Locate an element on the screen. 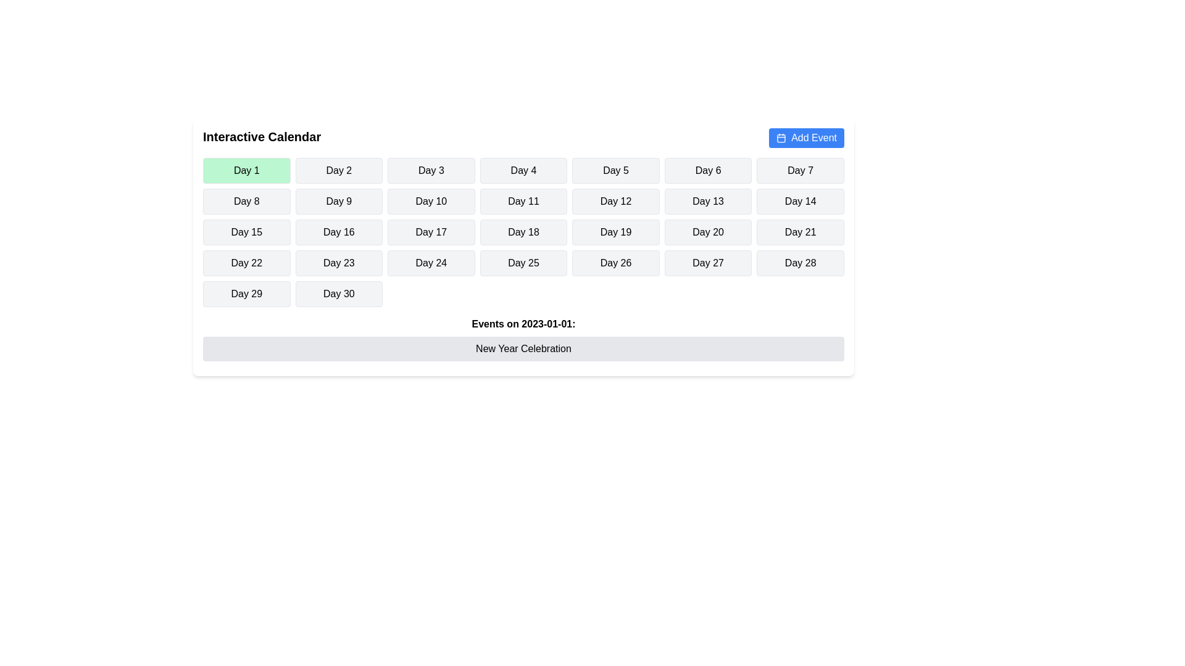 The height and width of the screenshot is (666, 1185). the button labeled 'Day 29' which is a rectangular element with rounded corners, located in the last row, first column of a grid layout is located at coordinates (246, 294).